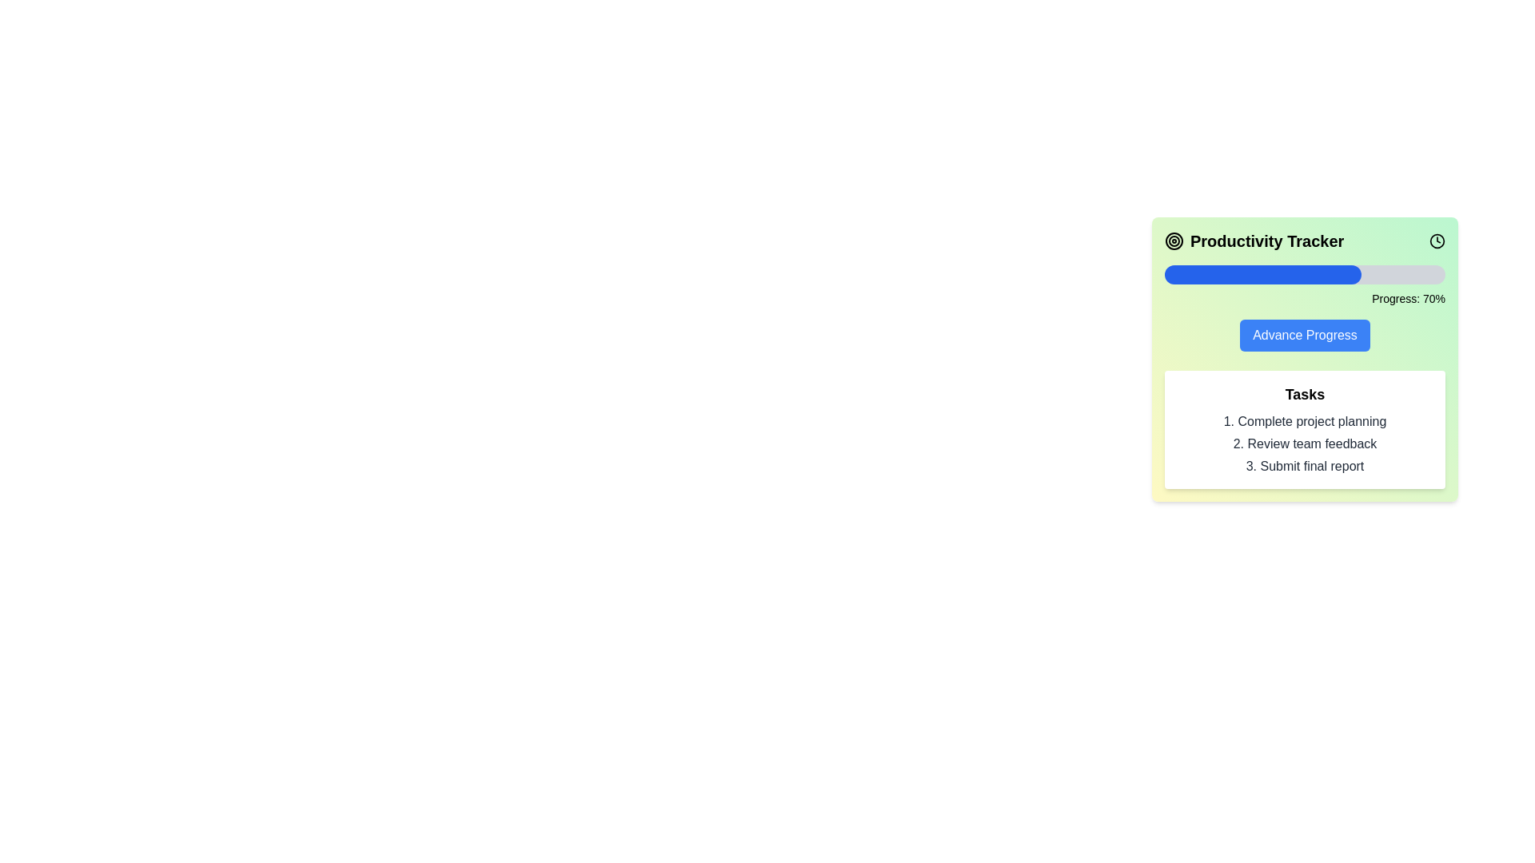 The height and width of the screenshot is (863, 1535). What do you see at coordinates (1305, 360) in the screenshot?
I see `the 'Advance Progress' button located in the central area of the productivity tracking Card Widget` at bounding box center [1305, 360].